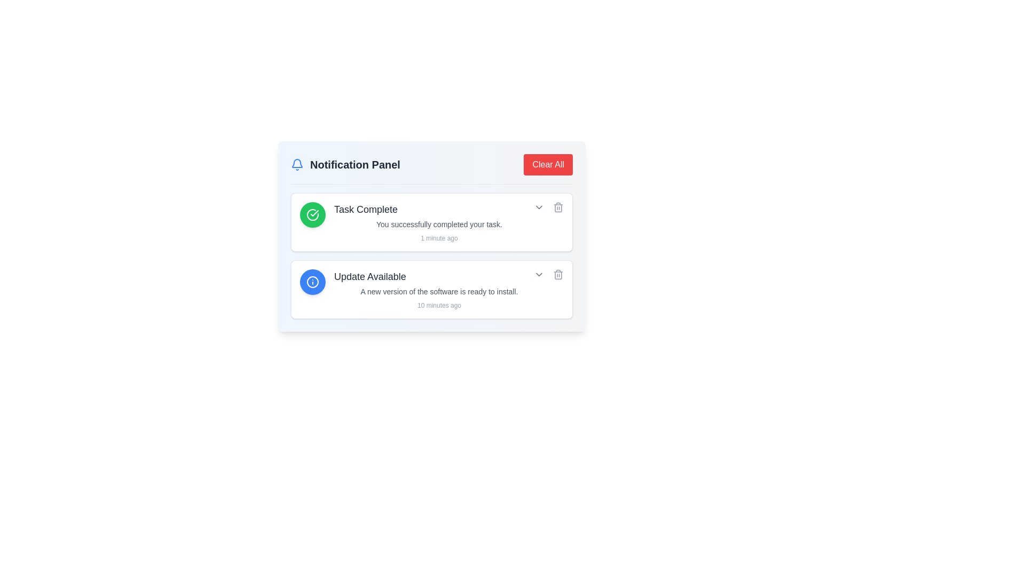  What do you see at coordinates (312, 214) in the screenshot?
I see `the success icon with a green background and white checkmark located on the left side of the 'Task Complete' notification` at bounding box center [312, 214].